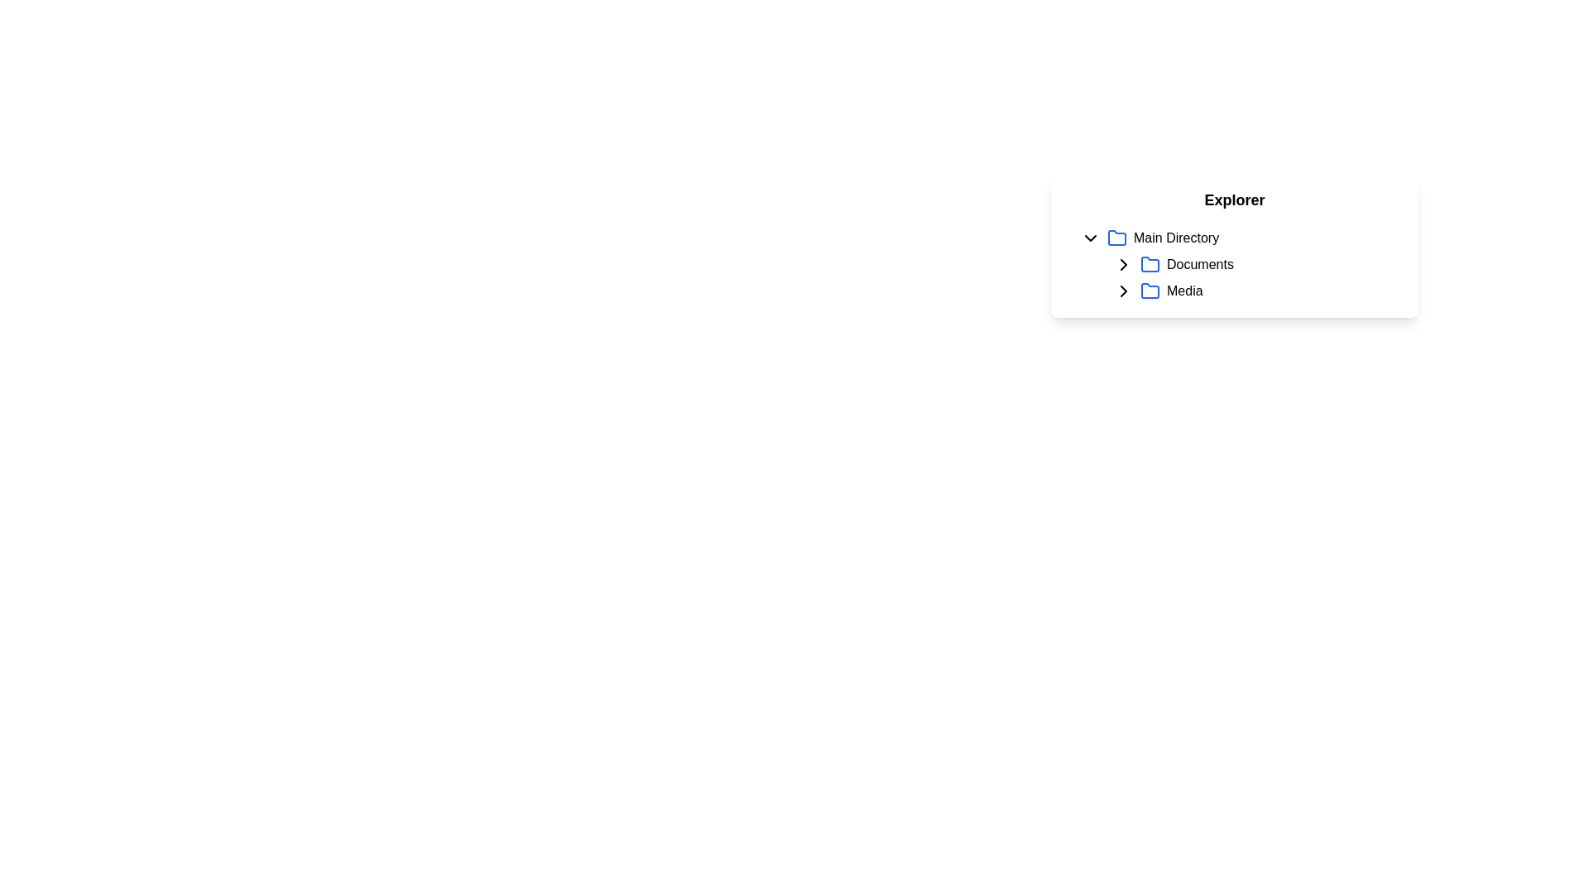  Describe the element at coordinates (1241, 264) in the screenshot. I see `the 'Documents' sub-item in the tree-structured list for keyboard navigation by moving to its center point` at that location.